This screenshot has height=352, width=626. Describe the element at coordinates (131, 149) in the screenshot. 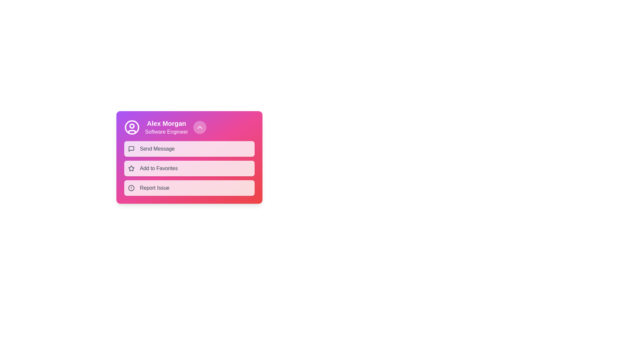

I see `the message sending icon located immediately to the left of the 'Send Message' text, which is part of the button labeled 'Send Message.'` at that location.